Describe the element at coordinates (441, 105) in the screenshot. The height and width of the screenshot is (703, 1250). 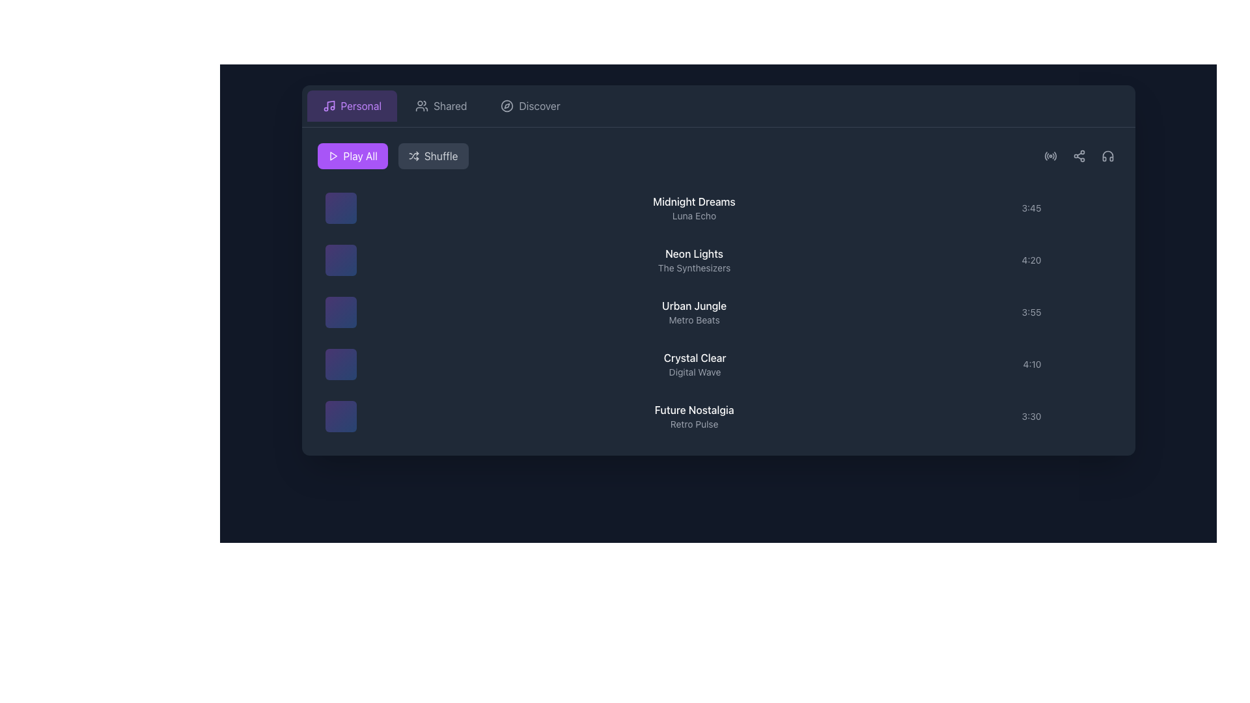
I see `the 'Shared' button, which is the second button in a row of three, positioned between the 'Personal' and 'Discover' buttons` at that location.